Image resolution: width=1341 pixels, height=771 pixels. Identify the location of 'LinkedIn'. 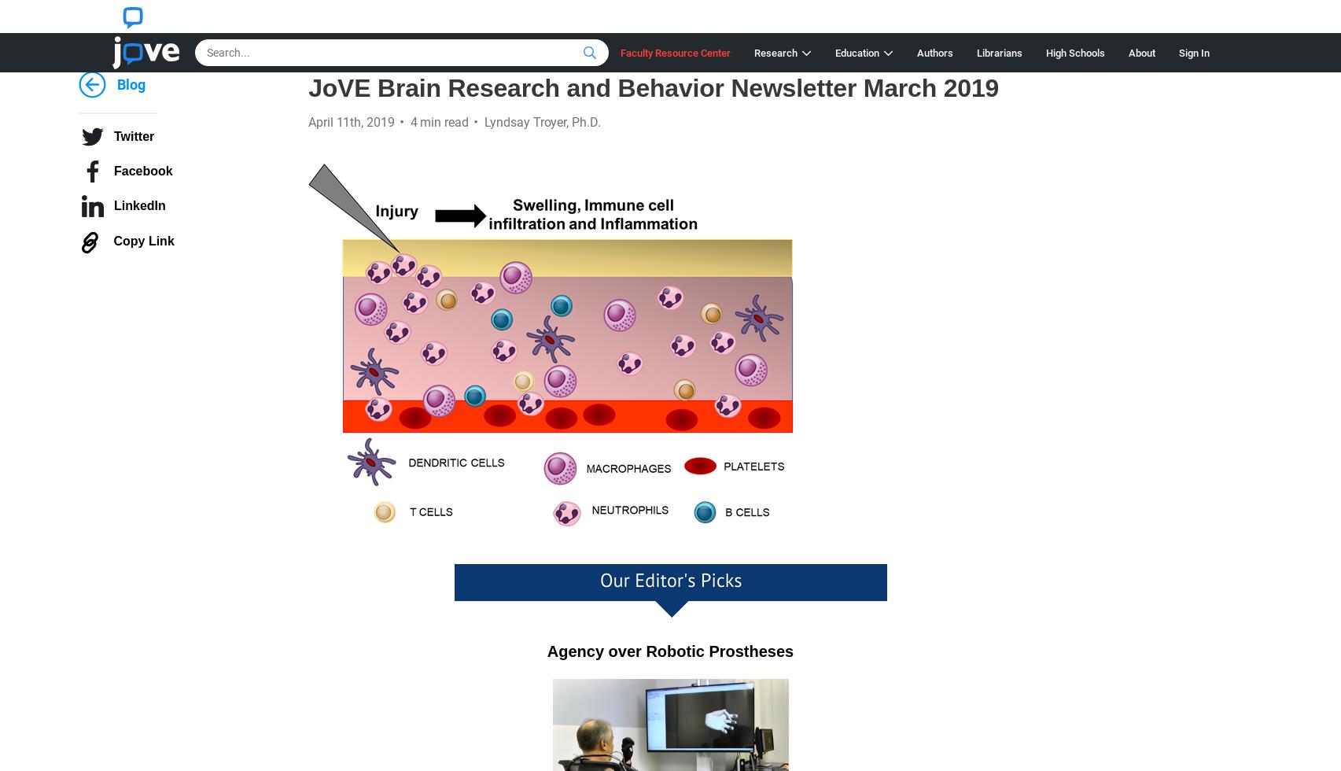
(139, 205).